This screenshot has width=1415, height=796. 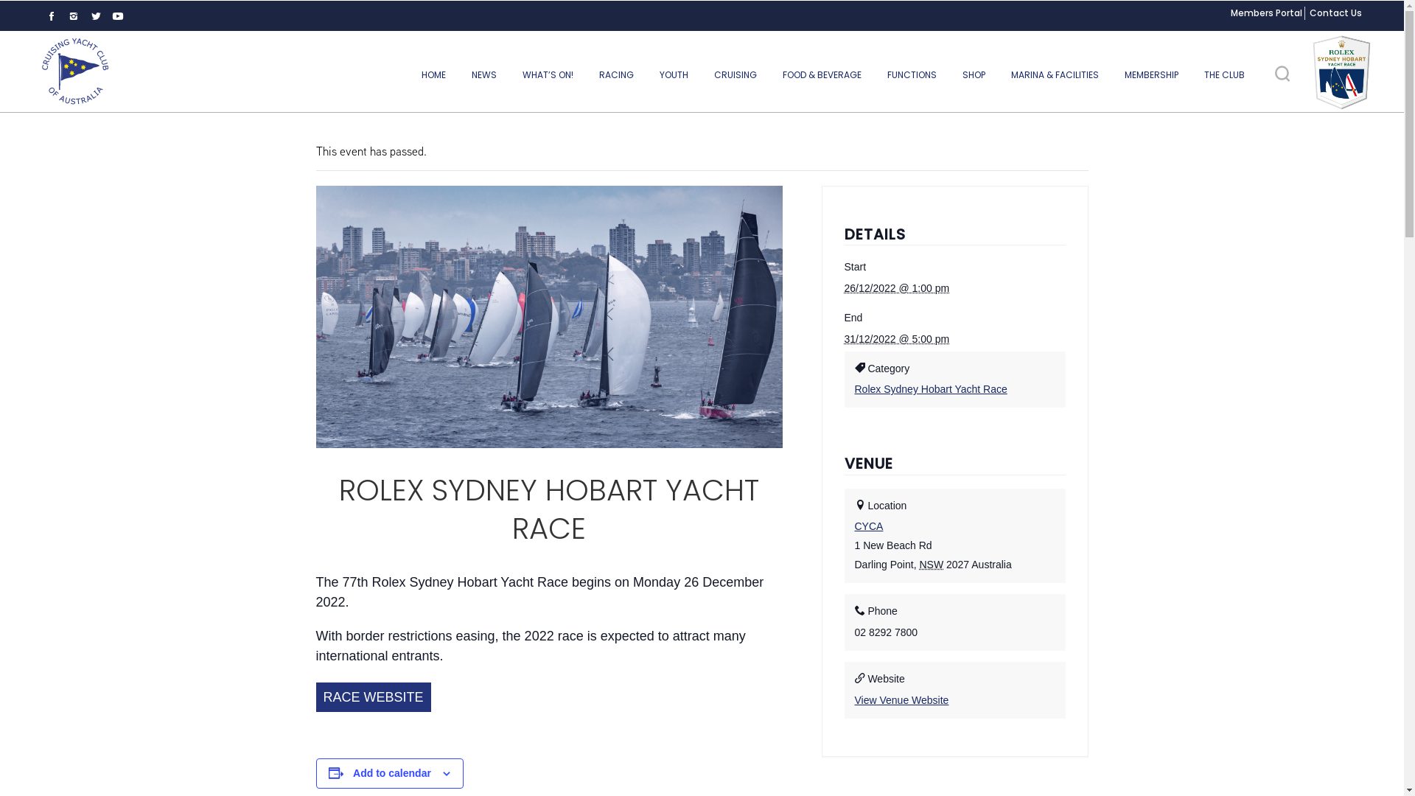 I want to click on 'Rolex Sydney Hobart Yacht Race', so click(x=855, y=388).